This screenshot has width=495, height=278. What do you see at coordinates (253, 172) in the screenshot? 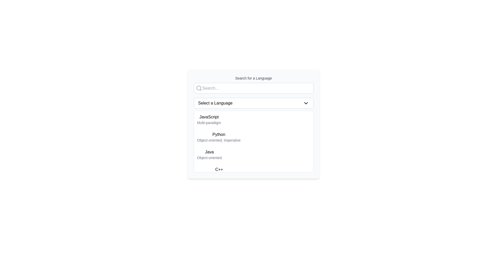
I see `the 'C++' option within the dropdown menu` at bounding box center [253, 172].